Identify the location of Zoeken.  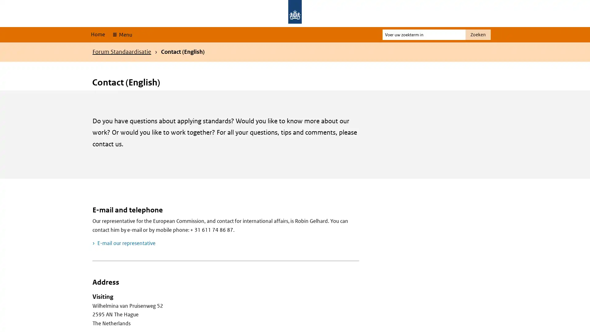
(478, 34).